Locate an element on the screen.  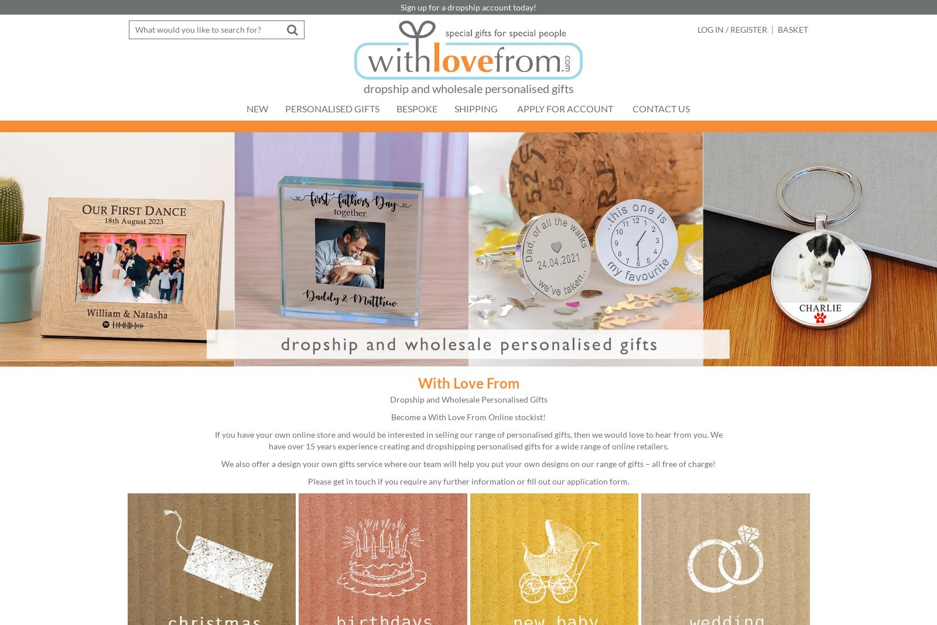
'Become a With Love From Online stockist!' is located at coordinates (468, 416).